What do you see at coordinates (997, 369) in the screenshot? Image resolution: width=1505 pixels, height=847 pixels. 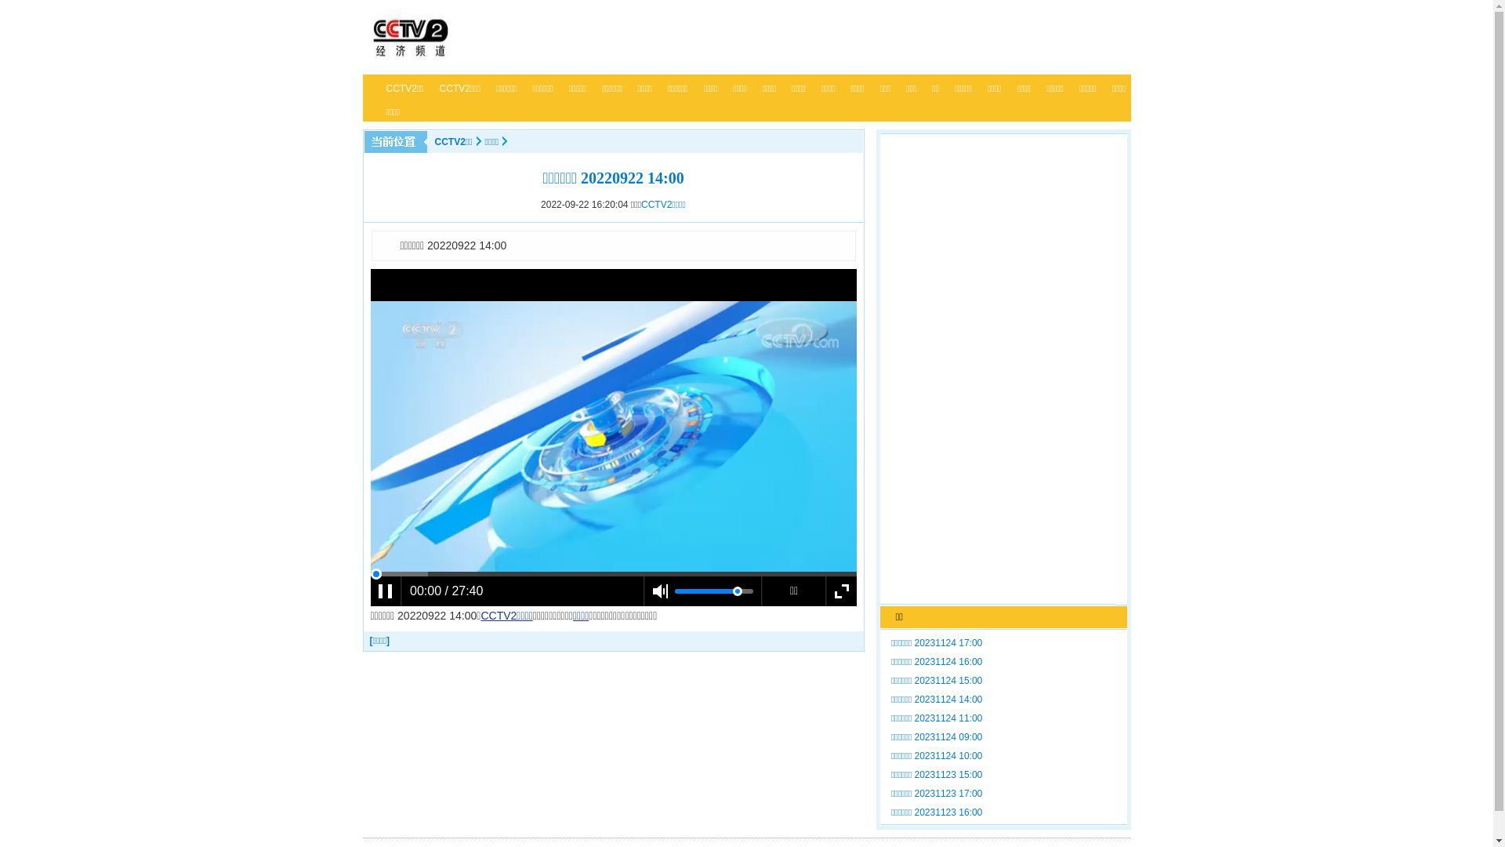 I see `'Advertisement'` at bounding box center [997, 369].